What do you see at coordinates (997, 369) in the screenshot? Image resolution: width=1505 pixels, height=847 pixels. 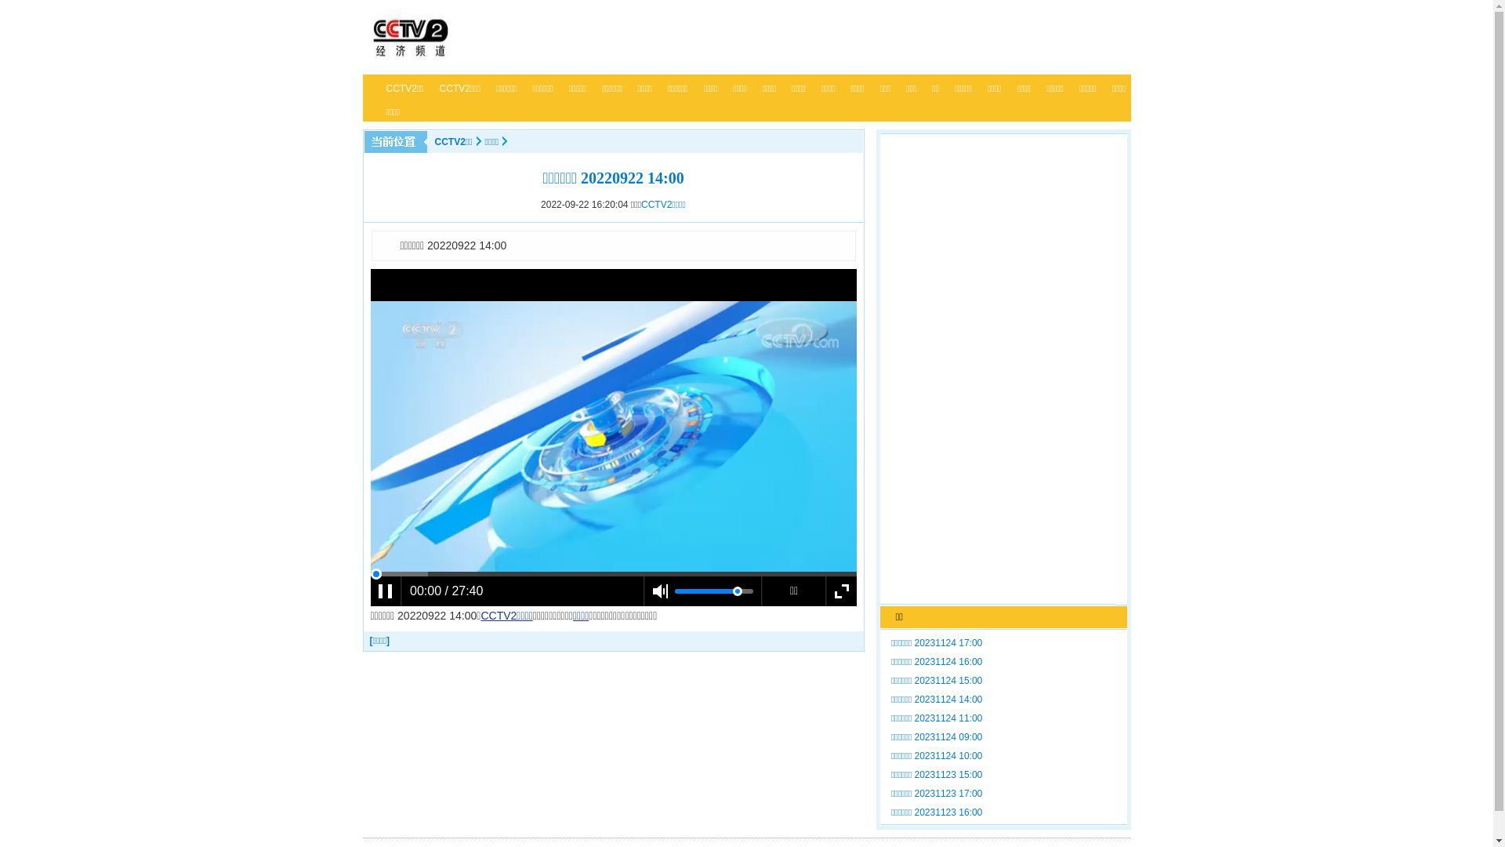 I see `'Advertisement'` at bounding box center [997, 369].